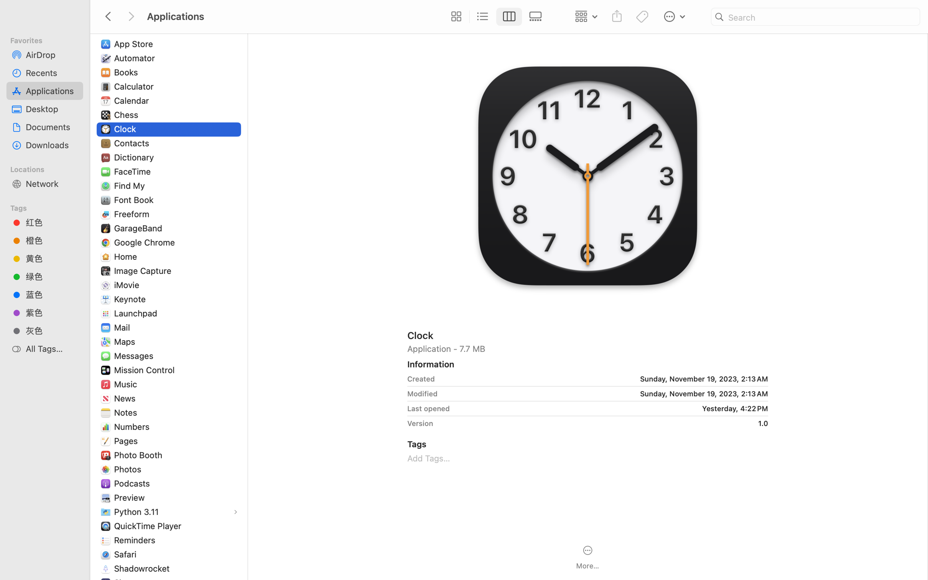  Describe the element at coordinates (135, 86) in the screenshot. I see `'Calculator'` at that location.